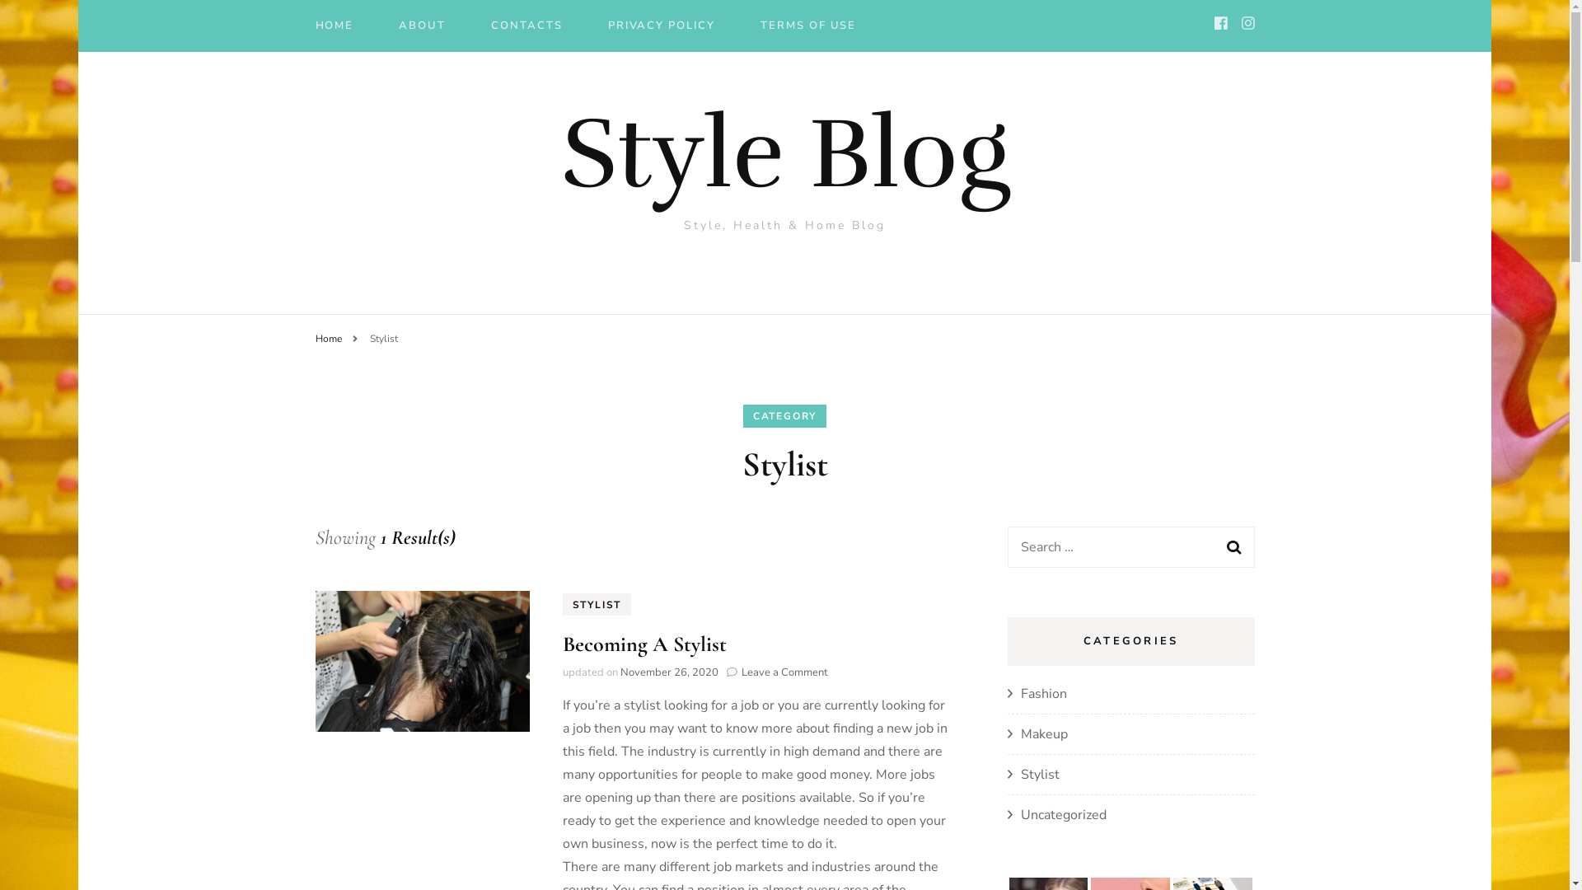  I want to click on 'HOME', so click(315, 27).